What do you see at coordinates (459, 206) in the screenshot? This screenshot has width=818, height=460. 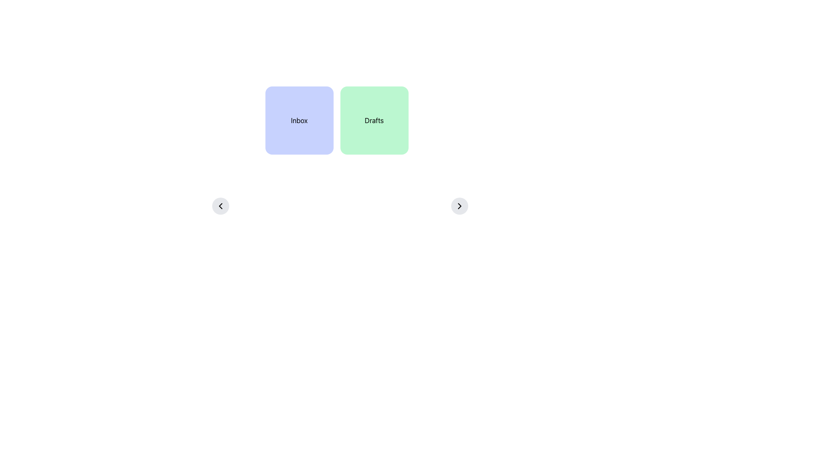 I see `the navigation button located to the right of the 'Inbox' and 'Drafts' containers` at bounding box center [459, 206].